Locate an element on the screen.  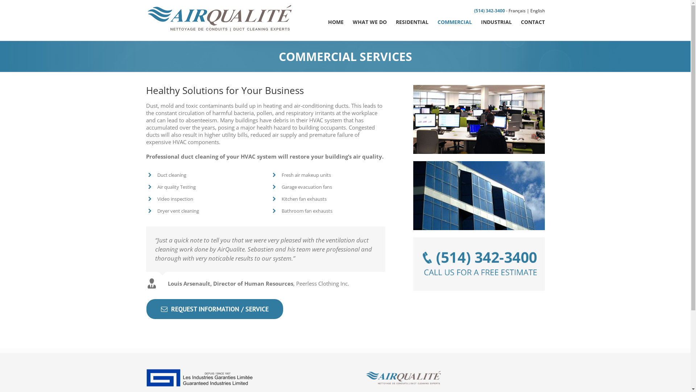
'REQUEST INFORMATION / SERVICE' is located at coordinates (214, 309).